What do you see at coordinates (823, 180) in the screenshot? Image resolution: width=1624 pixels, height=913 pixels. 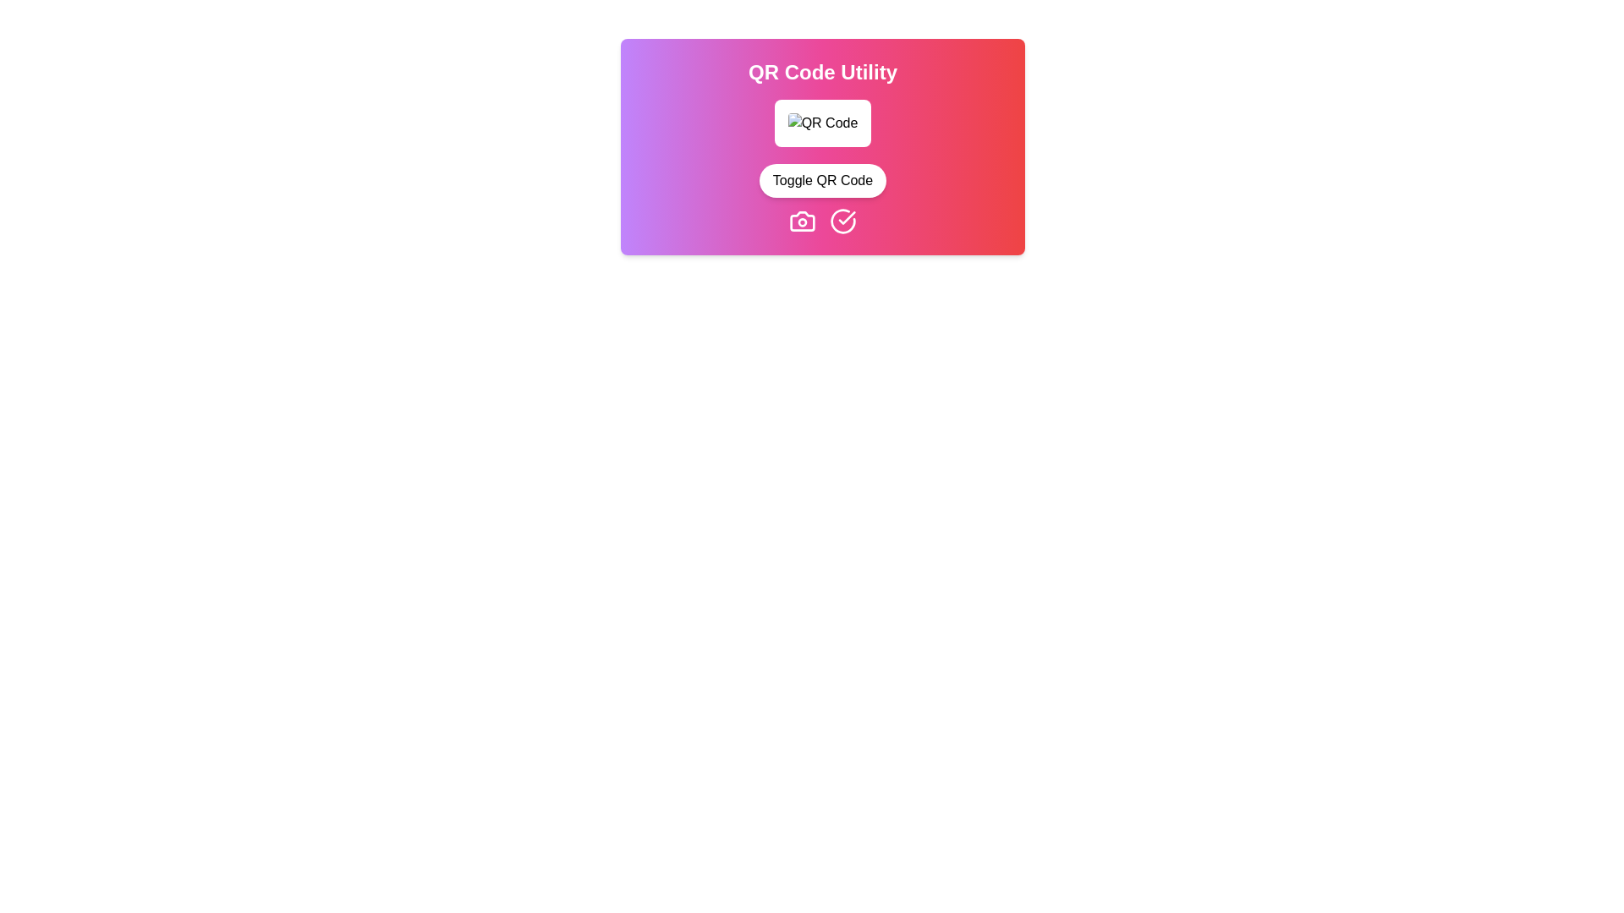 I see `the button located centrally beneath the 'QR Code' section` at bounding box center [823, 180].